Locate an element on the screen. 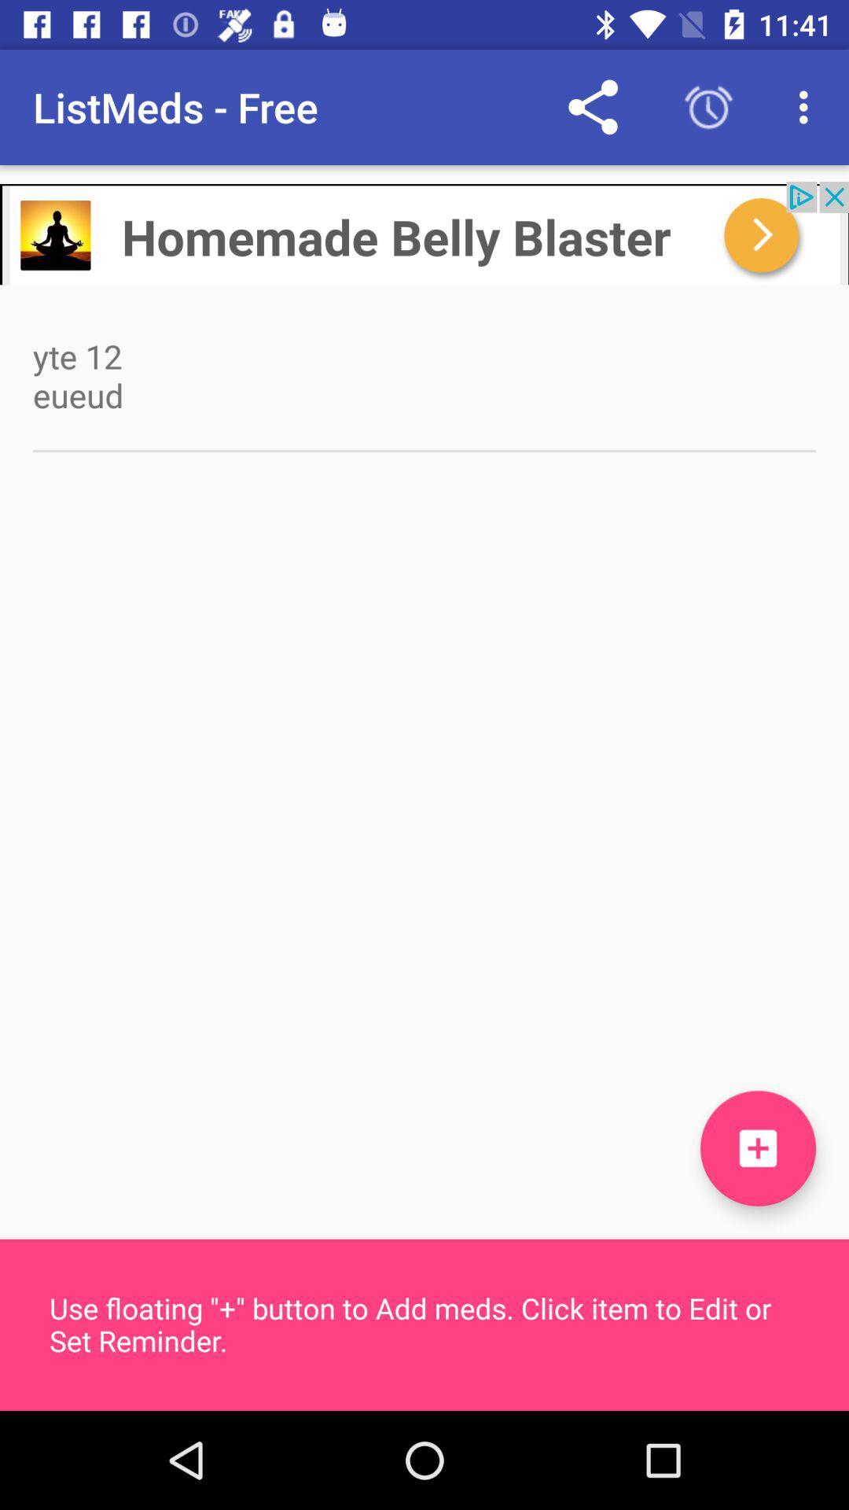 The width and height of the screenshot is (849, 1510). meds is located at coordinates (757, 1148).